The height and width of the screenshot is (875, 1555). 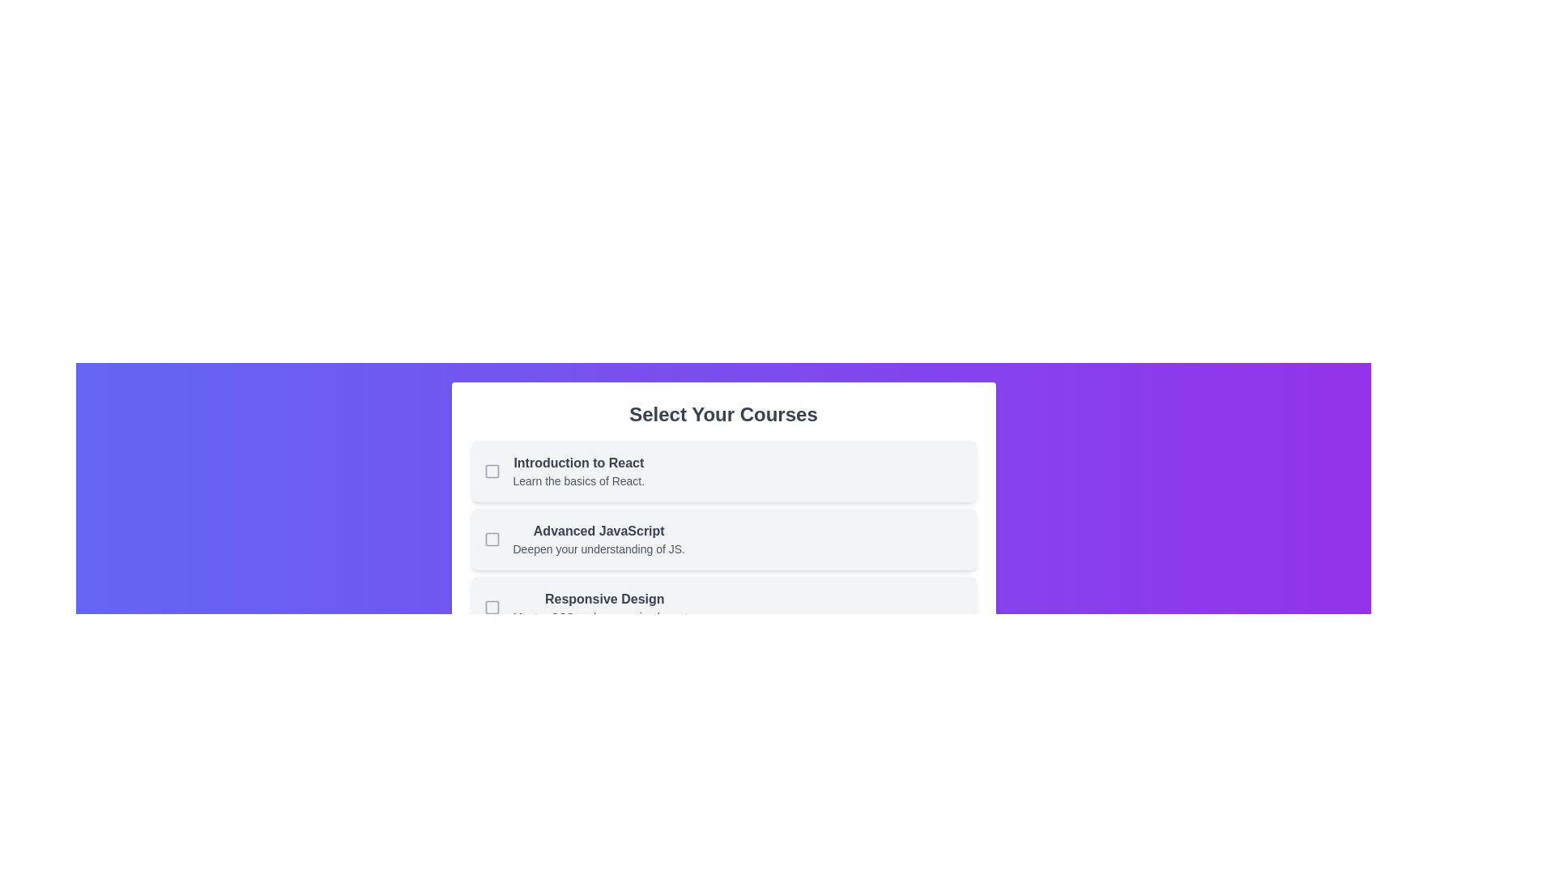 I want to click on the course Introduction to React by clicking on its corresponding list item, so click(x=722, y=472).